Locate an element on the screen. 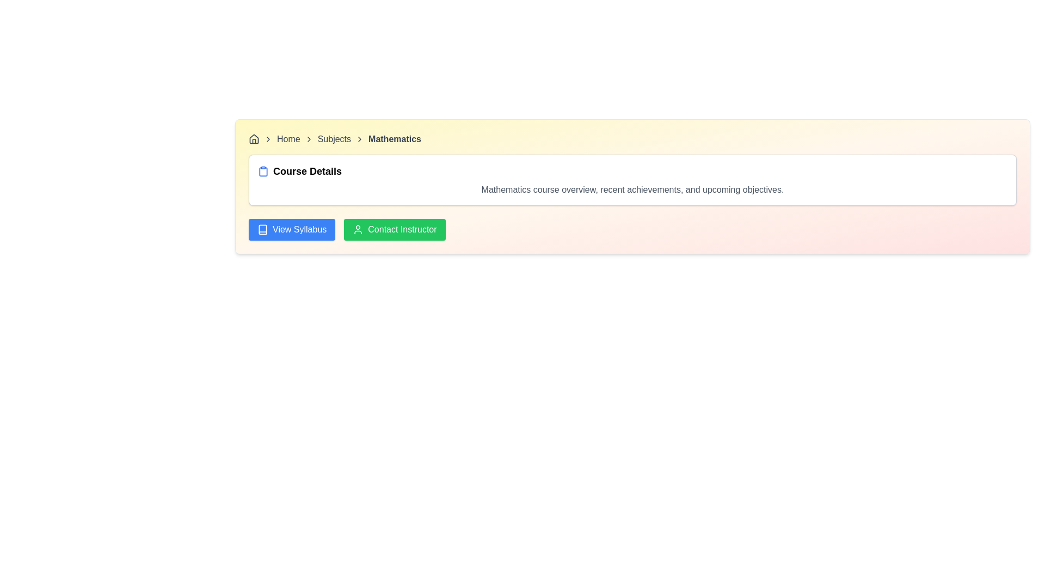  the 'Subjects' text label in the breadcrumb navigation bar is located at coordinates (334, 138).